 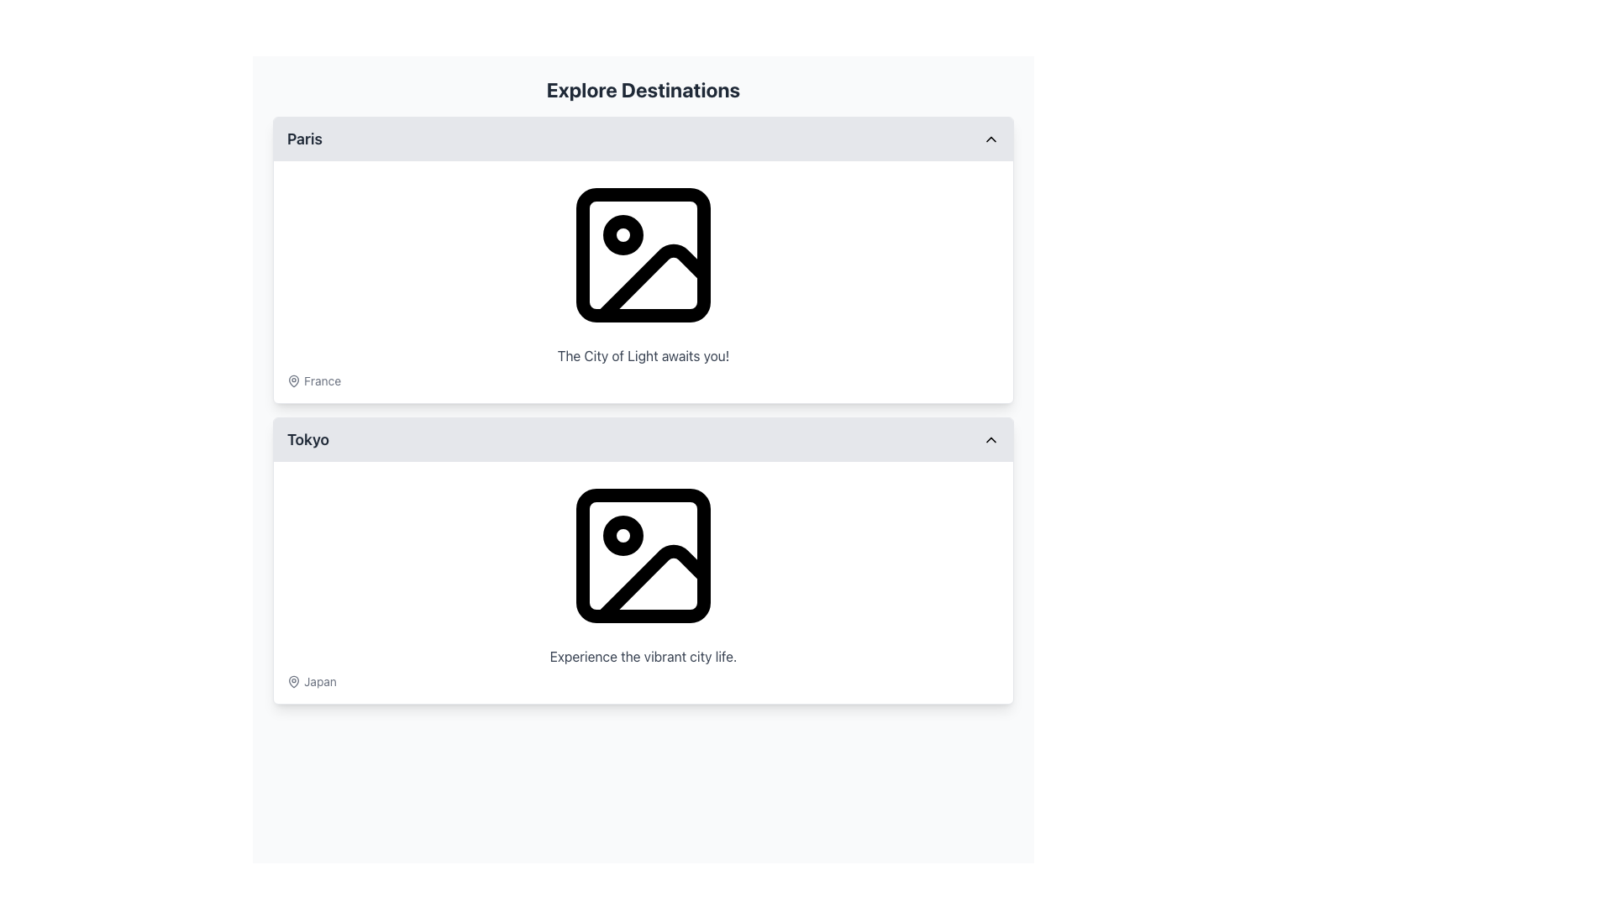 What do you see at coordinates (294, 682) in the screenshot?
I see `the map location pin icon representing Japan in the Tokyo section` at bounding box center [294, 682].